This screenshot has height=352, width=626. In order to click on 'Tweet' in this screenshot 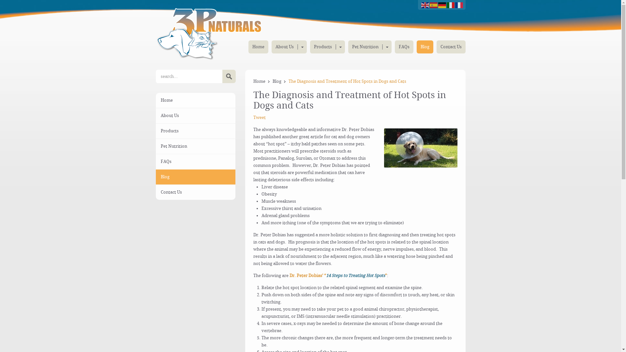, I will do `click(259, 117)`.